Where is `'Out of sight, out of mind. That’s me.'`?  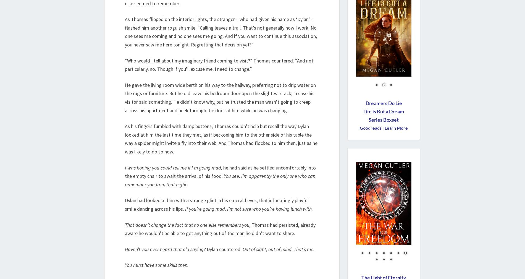
'Out of sight, out of mind. That’s me.' is located at coordinates (242, 249).